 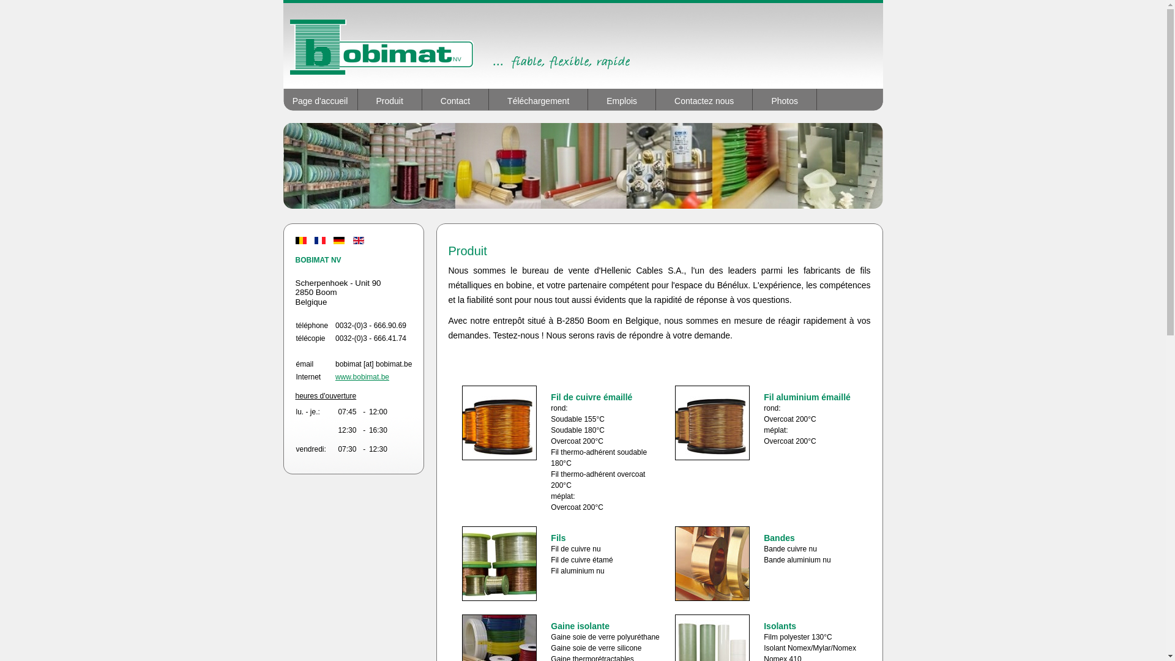 I want to click on 'Nederlands', so click(x=300, y=241).